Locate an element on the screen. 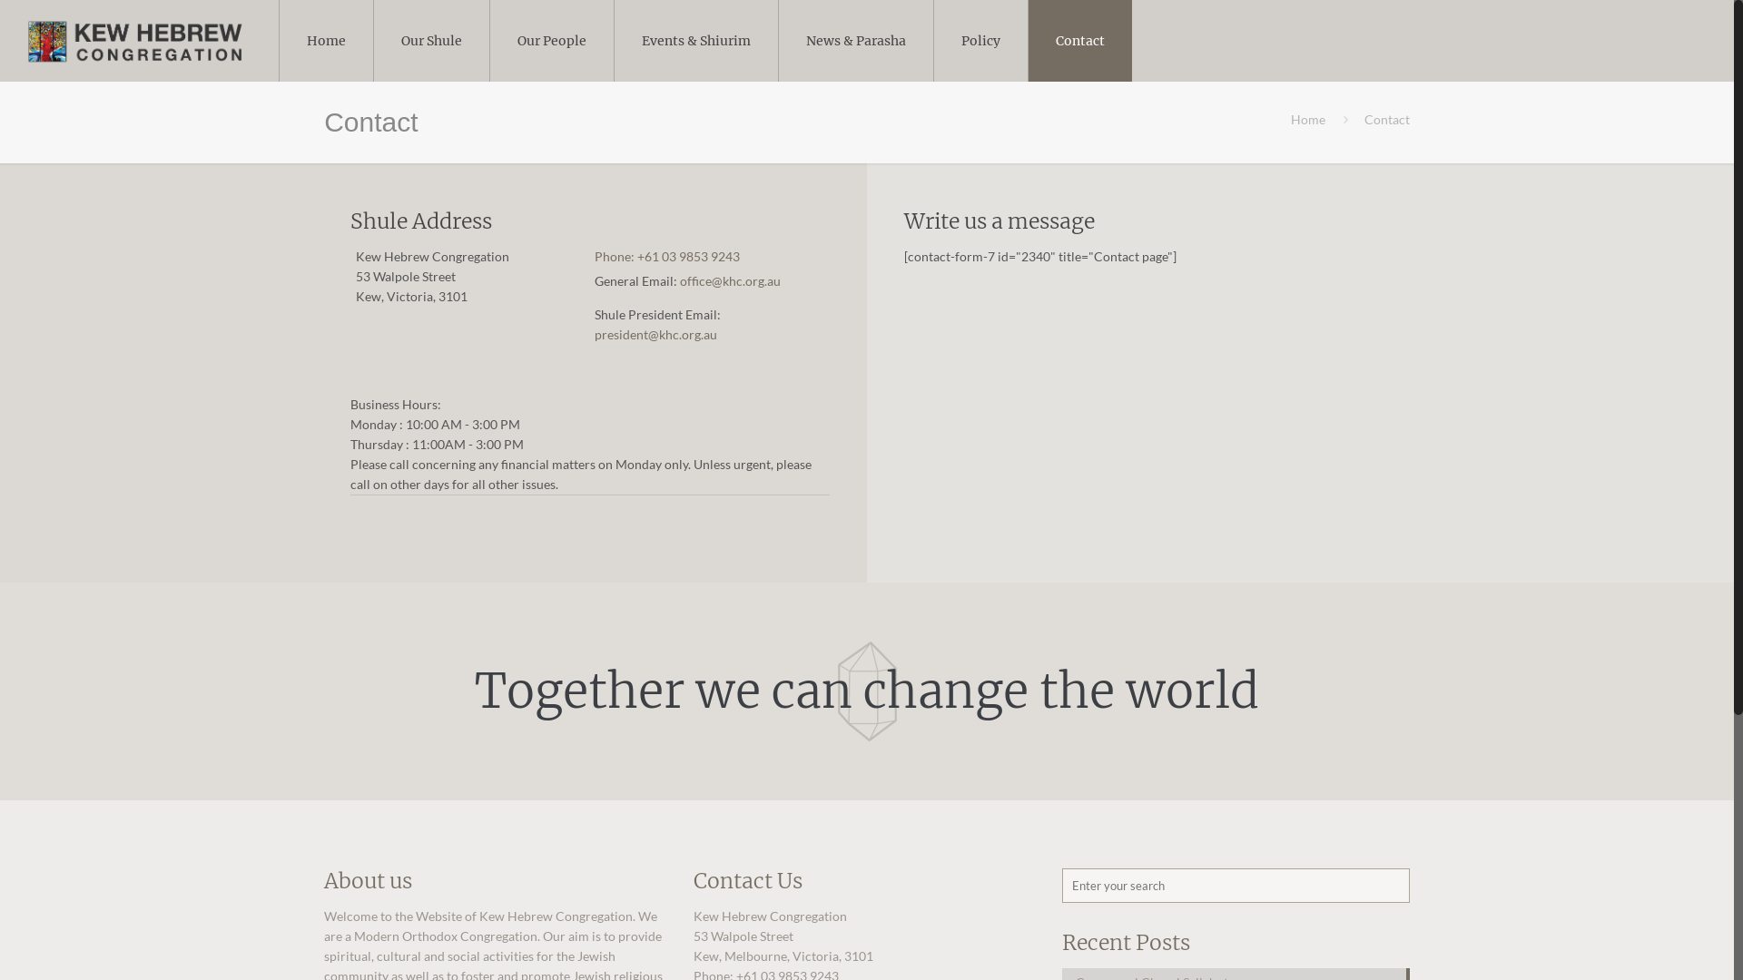 This screenshot has height=980, width=1743. 'Home' is located at coordinates (326, 41).